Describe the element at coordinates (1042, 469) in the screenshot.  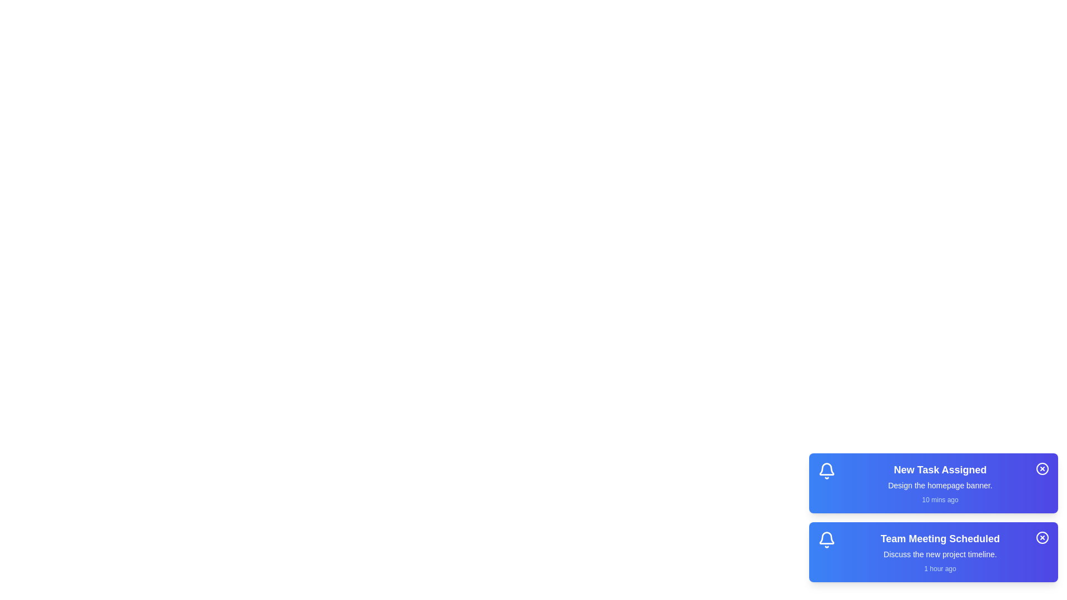
I see `the close button of the activity log item to dismiss it` at that location.